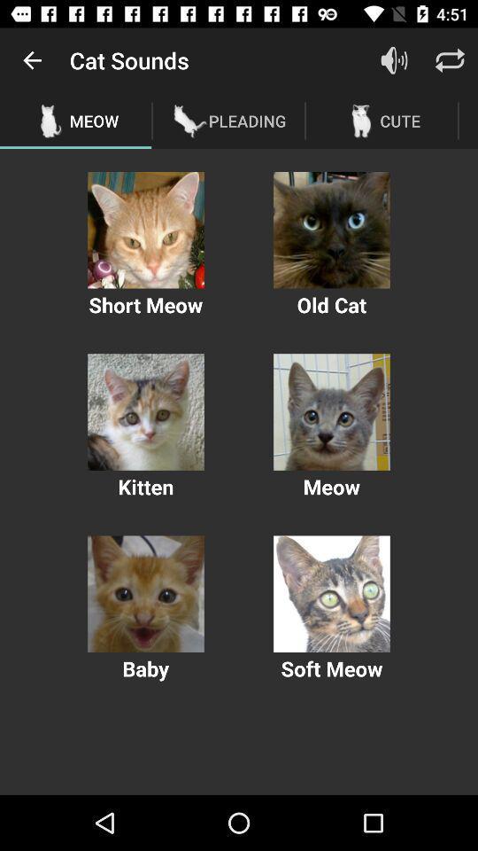 This screenshot has height=851, width=478. What do you see at coordinates (32, 60) in the screenshot?
I see `the item next to the cat sounds` at bounding box center [32, 60].